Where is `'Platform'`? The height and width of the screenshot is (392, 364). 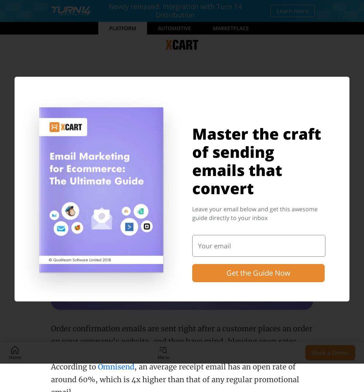 'Platform' is located at coordinates (122, 28).